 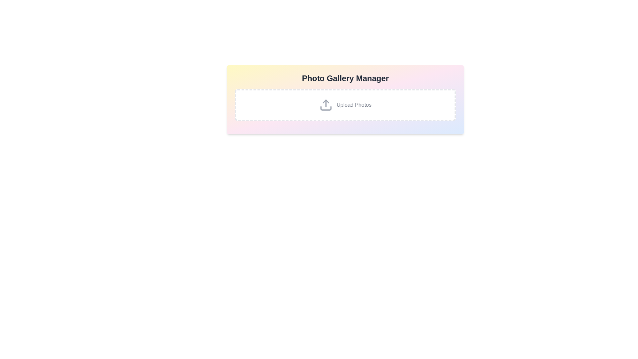 What do you see at coordinates (345, 108) in the screenshot?
I see `the upload button in the 'Photo Gallery Manager' modal dialog` at bounding box center [345, 108].